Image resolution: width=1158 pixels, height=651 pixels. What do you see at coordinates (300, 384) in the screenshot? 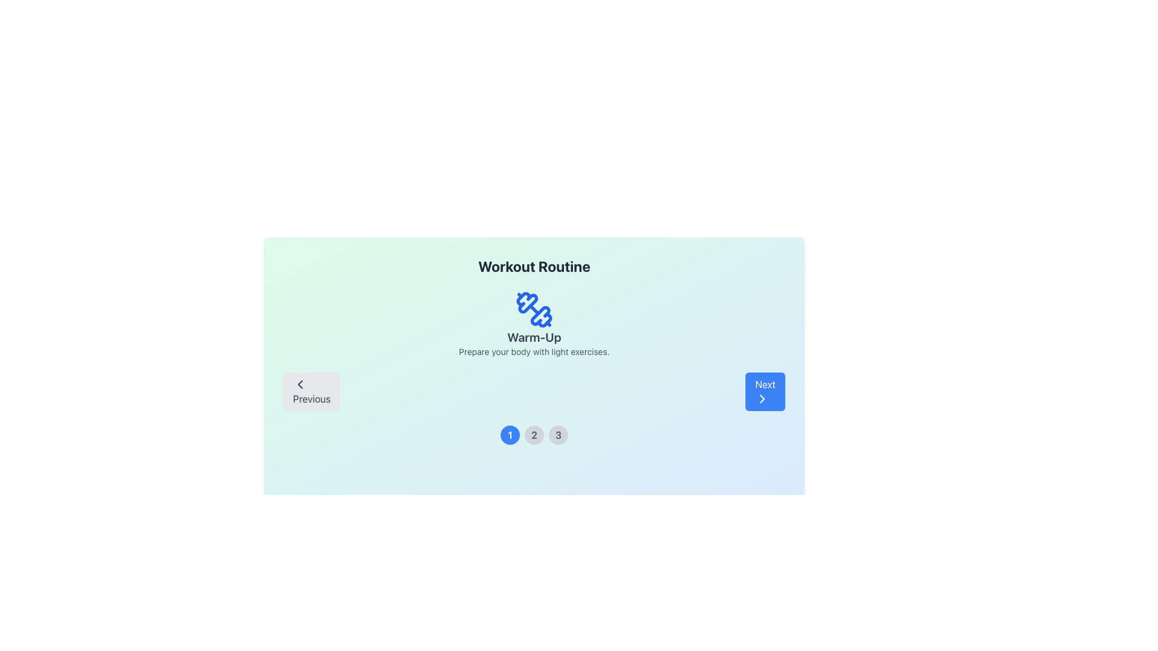
I see `the 'Previous' button icon located at the bottom-left side of the interface` at bounding box center [300, 384].